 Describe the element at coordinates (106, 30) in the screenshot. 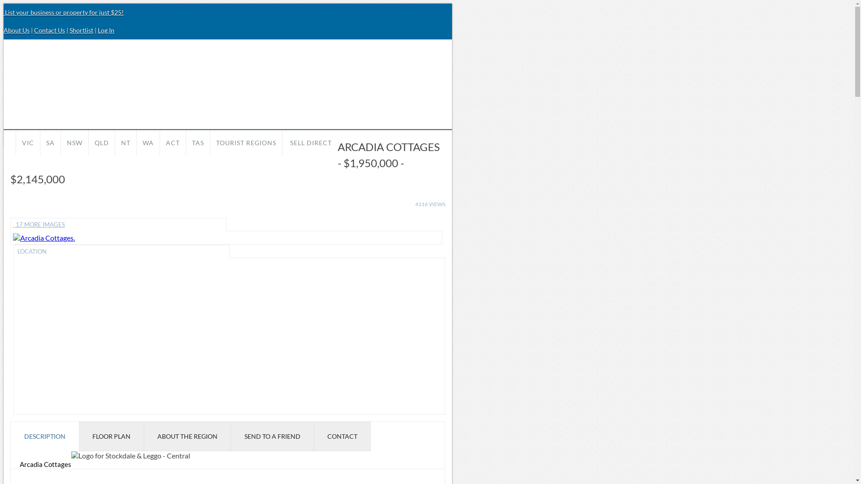

I see `'Log In'` at that location.